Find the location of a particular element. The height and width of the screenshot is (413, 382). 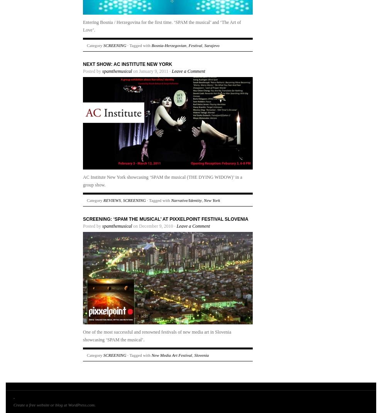

'SCREENING: ‘SPAM the musical’ at Pixxelpoint Festival Slovenia' is located at coordinates (165, 219).